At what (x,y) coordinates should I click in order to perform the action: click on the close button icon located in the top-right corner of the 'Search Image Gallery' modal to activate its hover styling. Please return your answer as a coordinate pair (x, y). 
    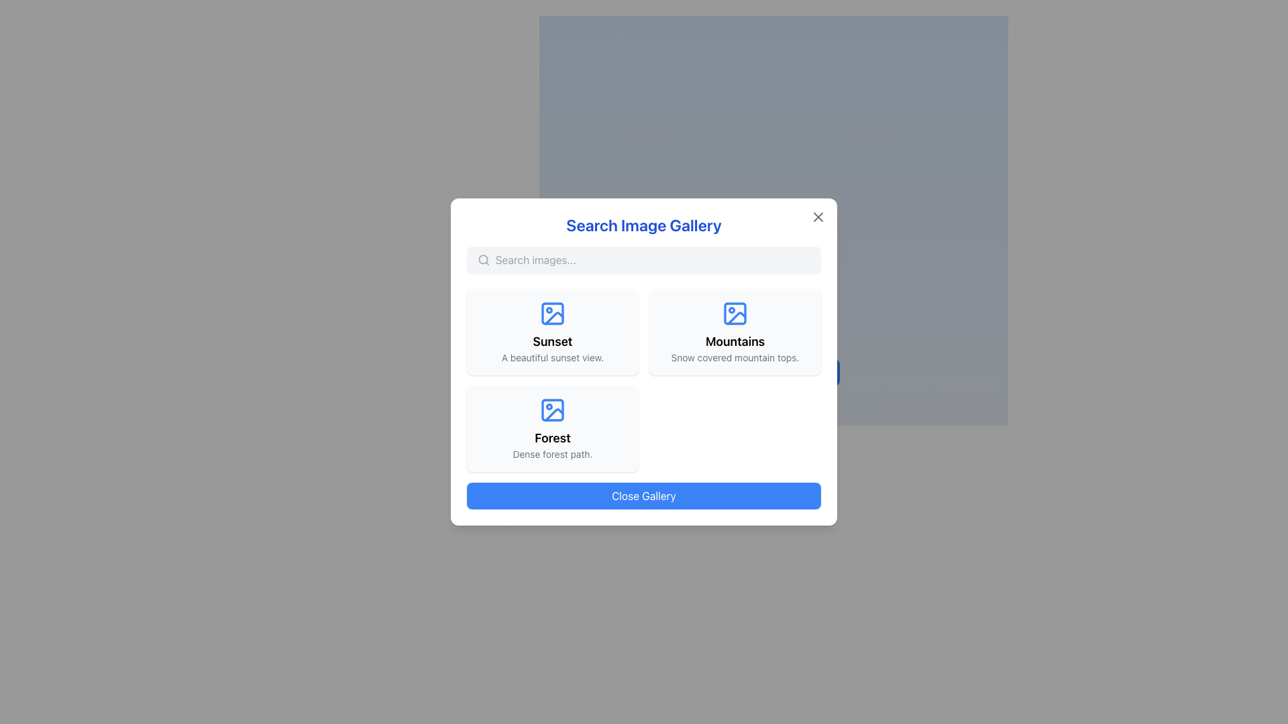
    Looking at the image, I should click on (817, 217).